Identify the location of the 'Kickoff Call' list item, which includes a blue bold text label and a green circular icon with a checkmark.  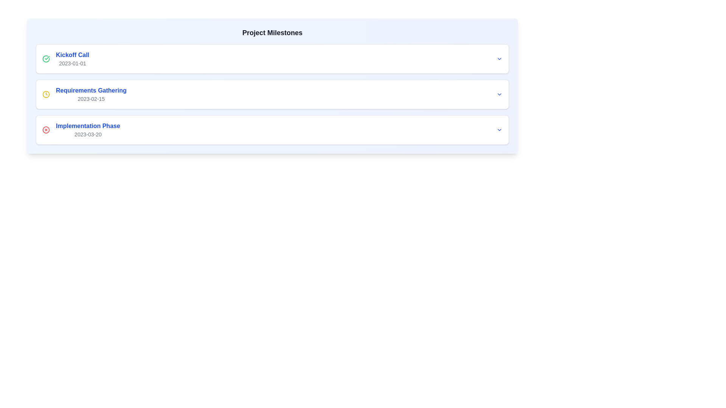
(65, 58).